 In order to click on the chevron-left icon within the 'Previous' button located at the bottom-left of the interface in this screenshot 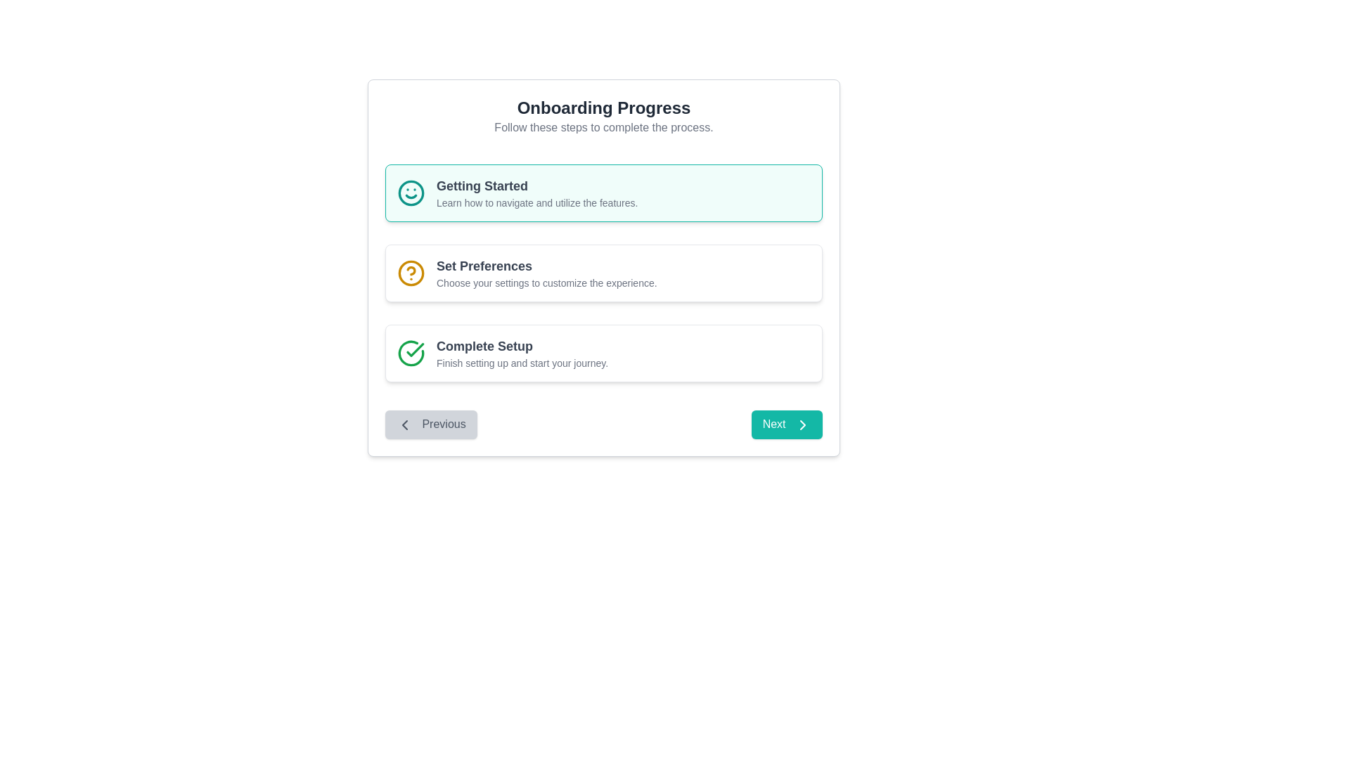, I will do `click(404, 424)`.